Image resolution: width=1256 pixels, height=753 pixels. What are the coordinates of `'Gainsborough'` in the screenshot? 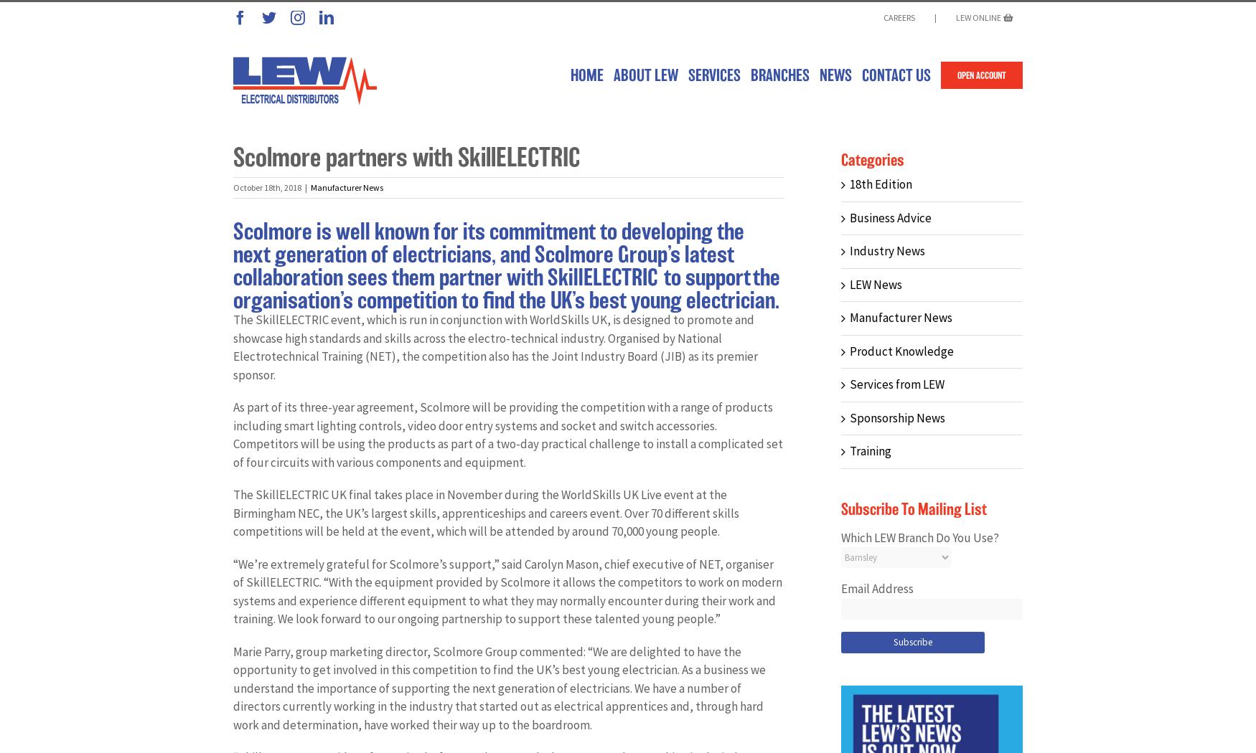 It's located at (797, 234).